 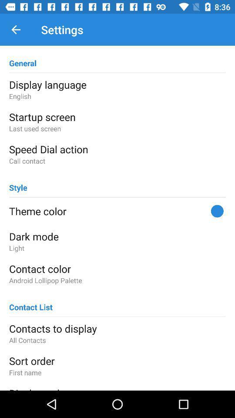 I want to click on icon above all contacts, so click(x=117, y=328).